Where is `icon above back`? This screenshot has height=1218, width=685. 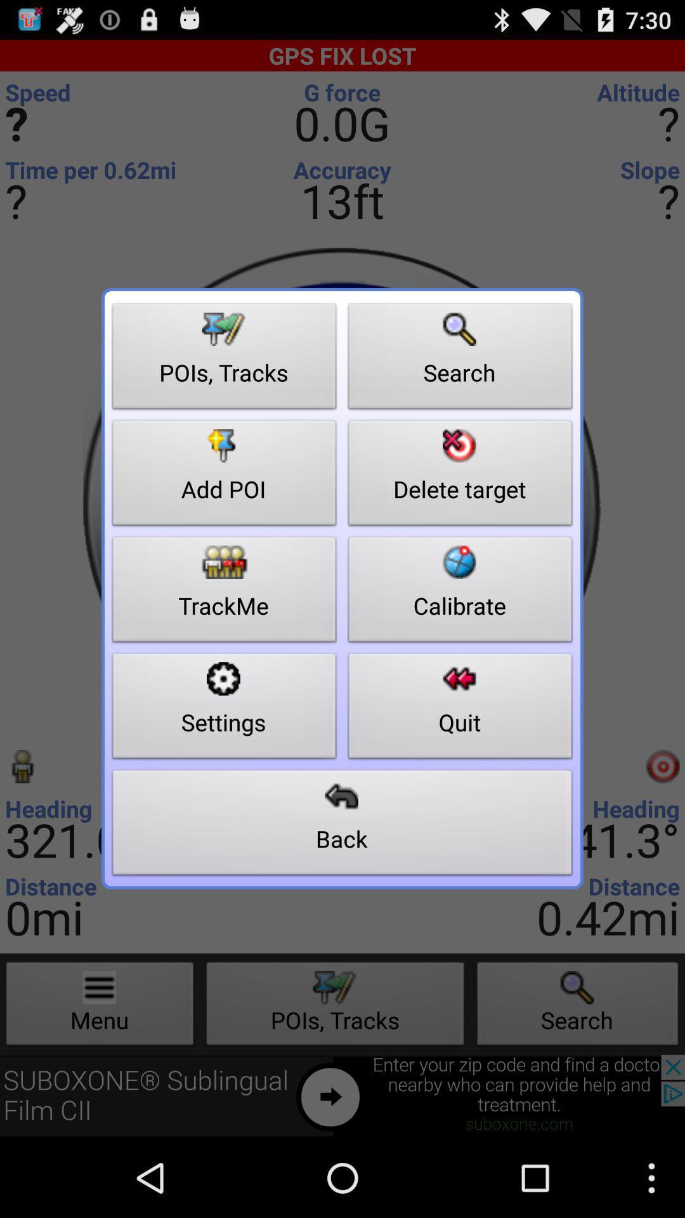 icon above back is located at coordinates (460, 709).